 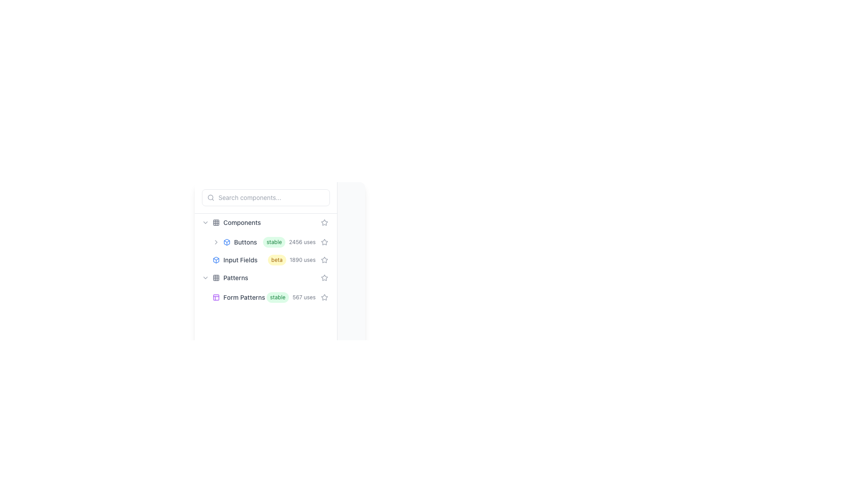 What do you see at coordinates (216, 260) in the screenshot?
I see `the small blue box icon outlined in blue, located to the left of the 'Input Fields' label in the sidebar, for additional information` at bounding box center [216, 260].